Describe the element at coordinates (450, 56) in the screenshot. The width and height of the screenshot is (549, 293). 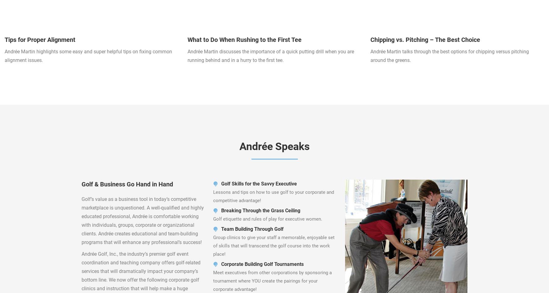
I see `'Andrée Martin talks through the best options for chipping versus pitching around the greens.'` at that location.